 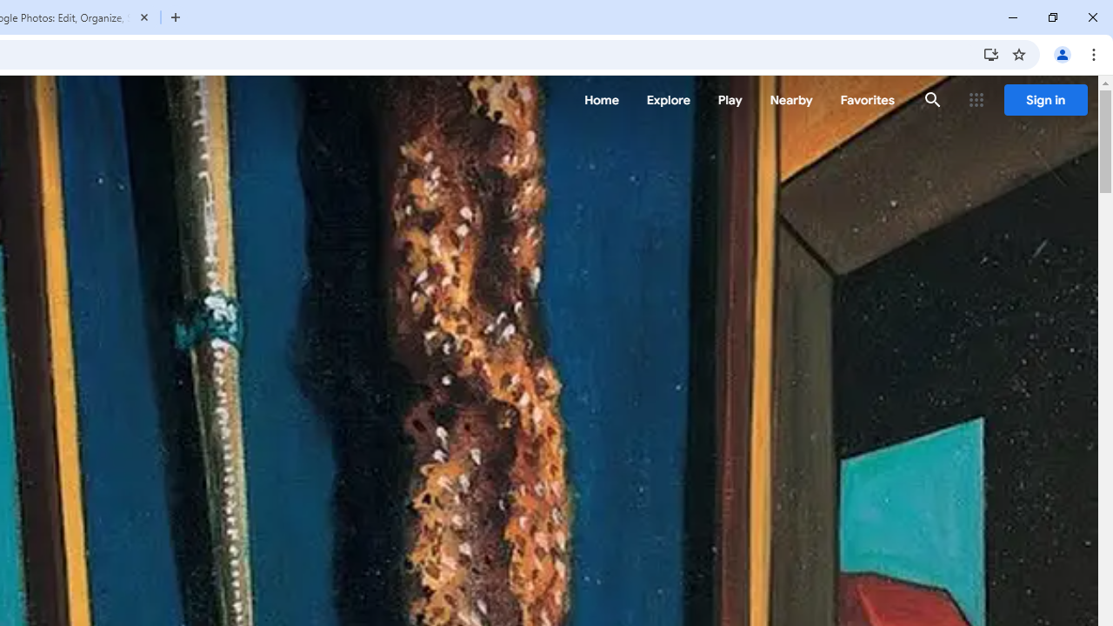 What do you see at coordinates (601, 100) in the screenshot?
I see `'Home'` at bounding box center [601, 100].